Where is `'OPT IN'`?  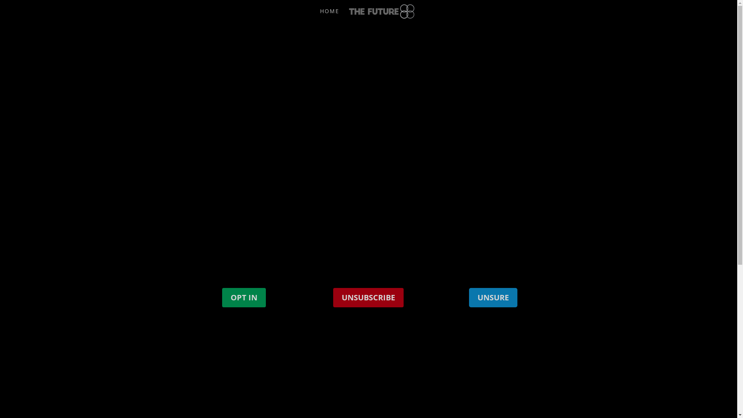
'OPT IN' is located at coordinates (243, 297).